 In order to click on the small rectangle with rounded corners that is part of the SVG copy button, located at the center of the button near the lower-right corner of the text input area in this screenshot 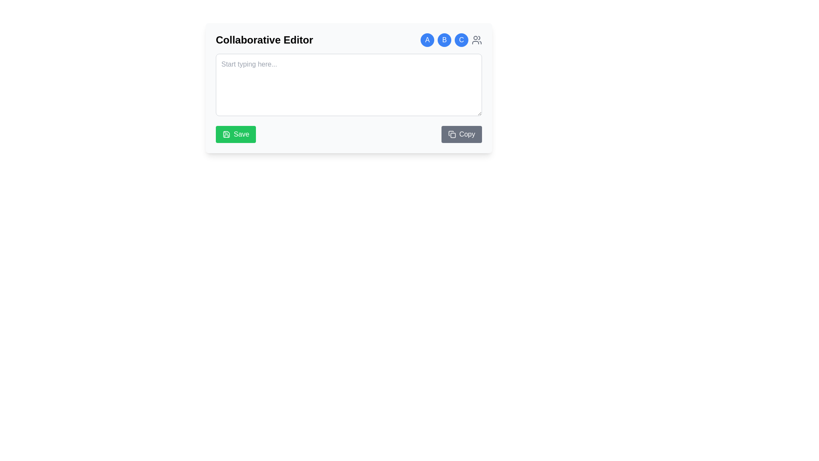, I will do `click(452, 135)`.